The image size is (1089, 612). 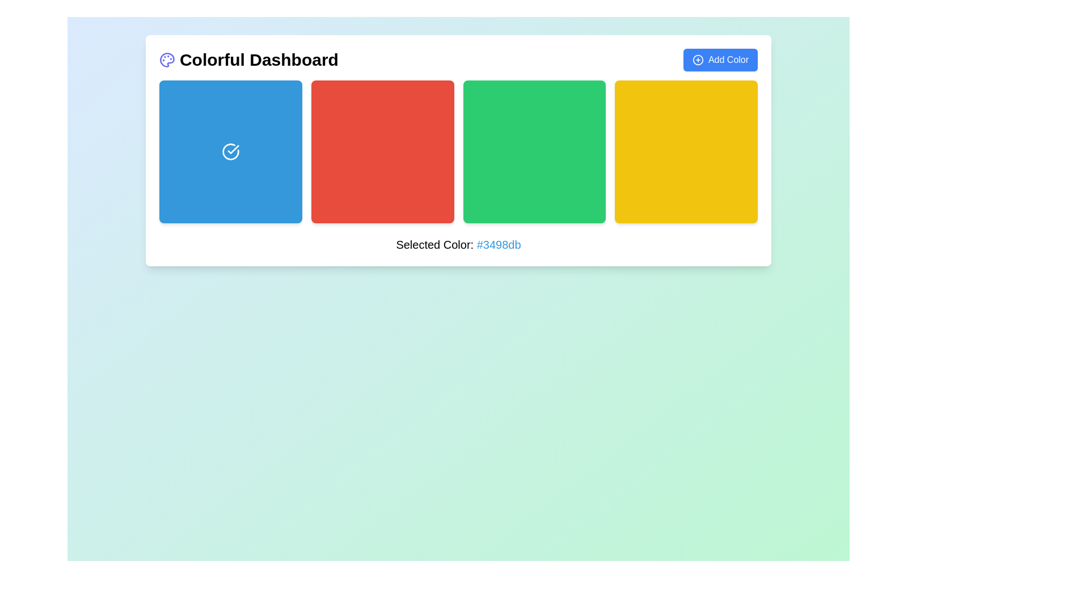 I want to click on the blue square button with a white check mark icon in the center, so click(x=230, y=151).